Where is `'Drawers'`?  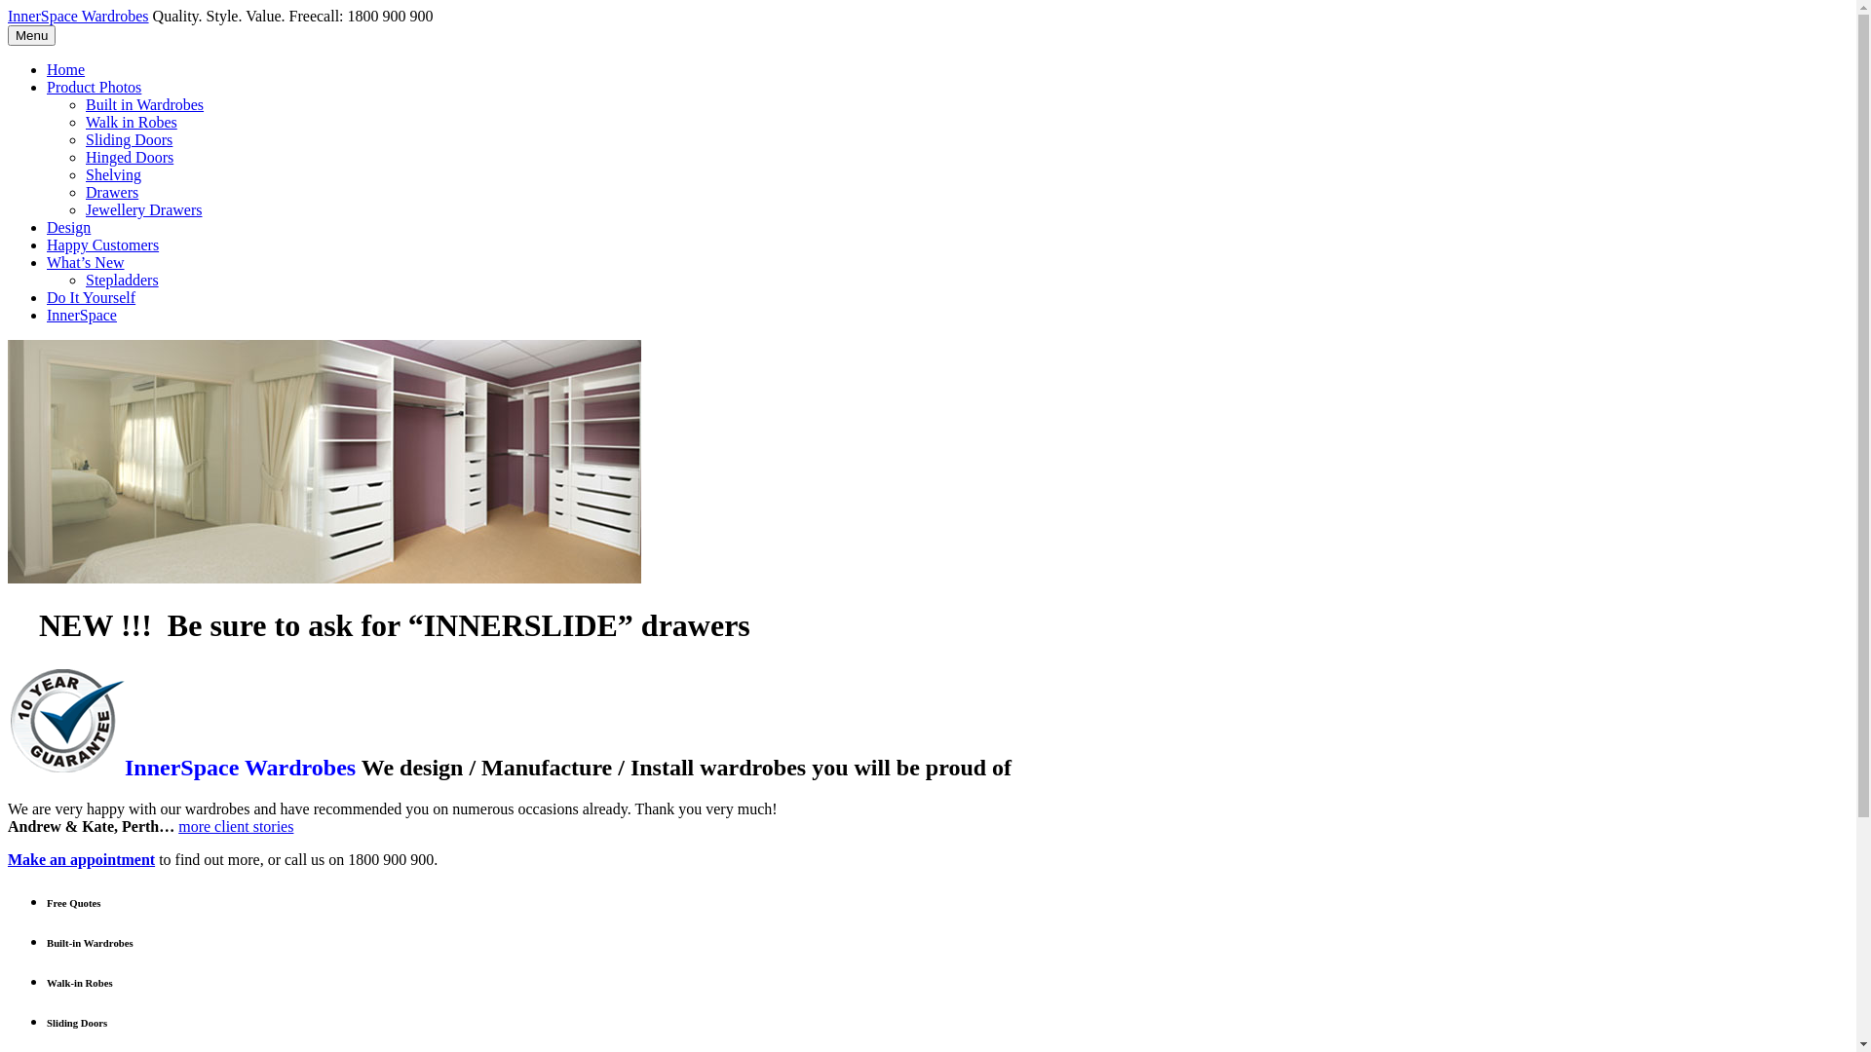
'Drawers' is located at coordinates (111, 192).